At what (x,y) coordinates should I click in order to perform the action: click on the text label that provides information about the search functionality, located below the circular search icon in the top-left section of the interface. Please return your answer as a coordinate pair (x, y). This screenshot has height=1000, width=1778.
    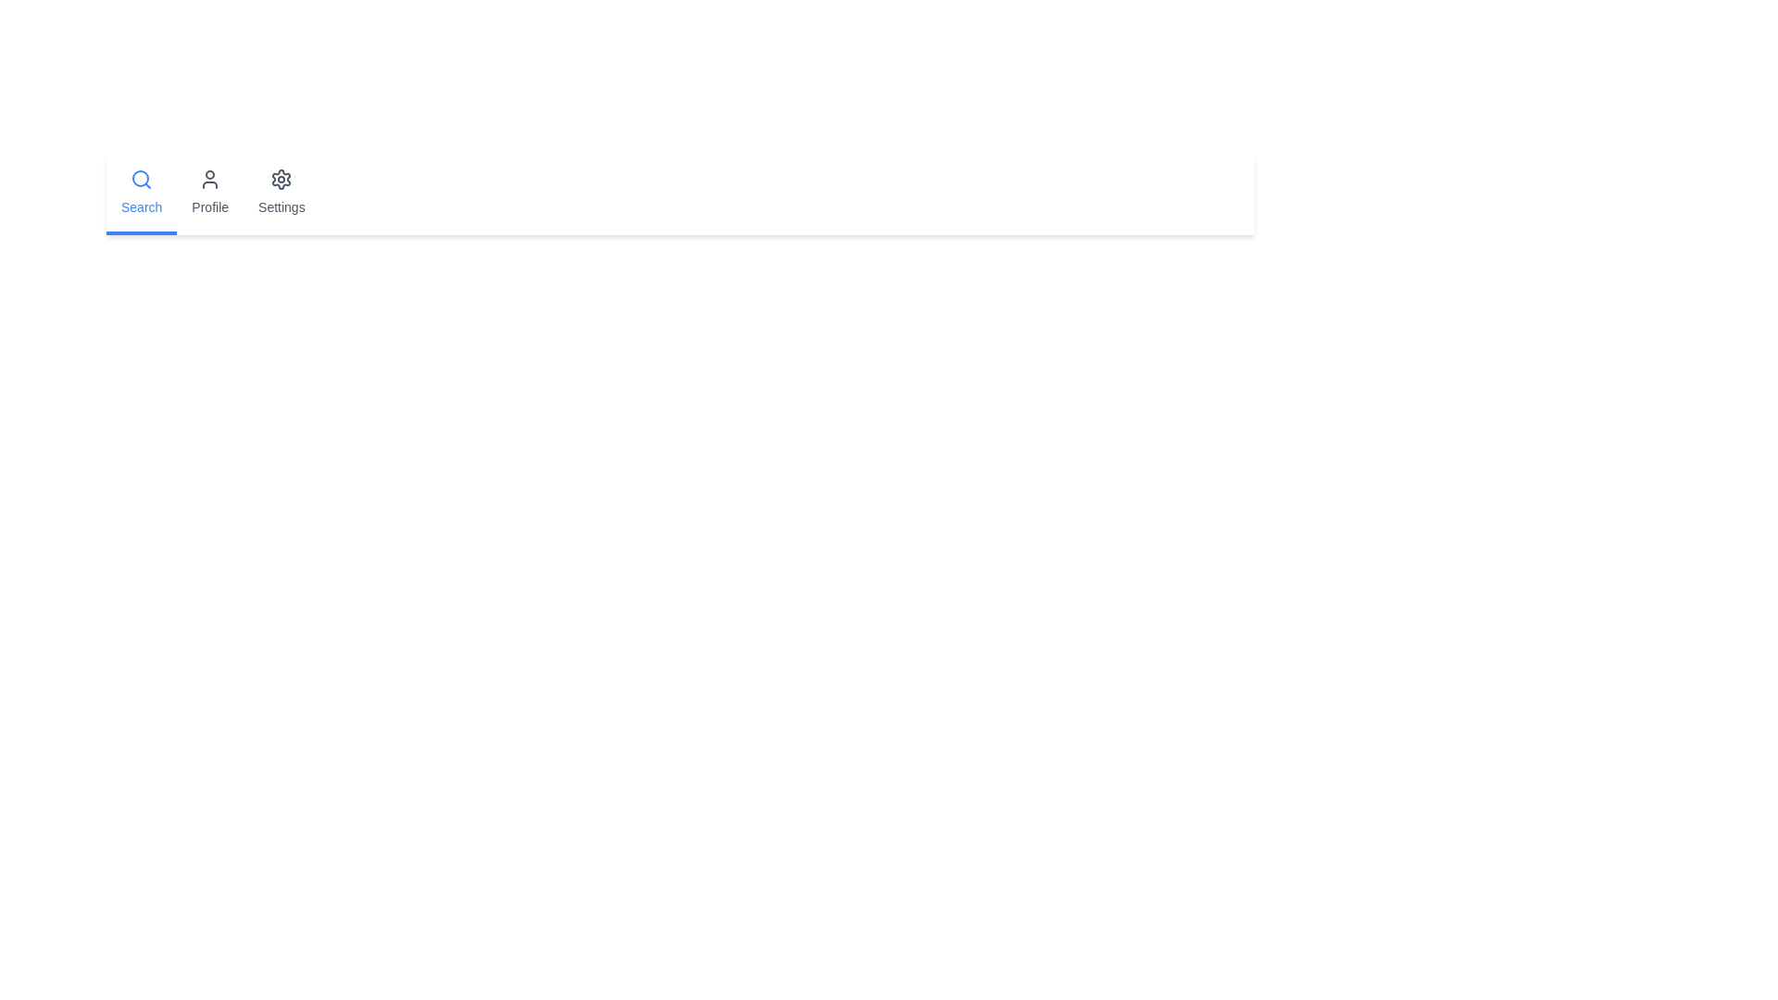
    Looking at the image, I should click on (141, 206).